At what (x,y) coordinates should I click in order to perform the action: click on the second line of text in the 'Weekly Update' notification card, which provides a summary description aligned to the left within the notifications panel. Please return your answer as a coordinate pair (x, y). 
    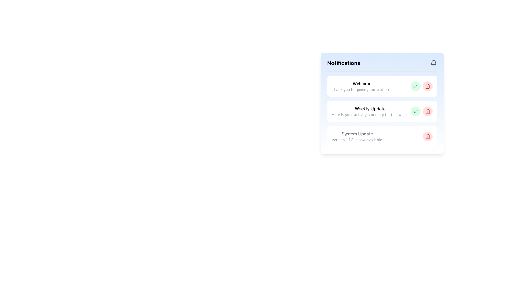
    Looking at the image, I should click on (370, 114).